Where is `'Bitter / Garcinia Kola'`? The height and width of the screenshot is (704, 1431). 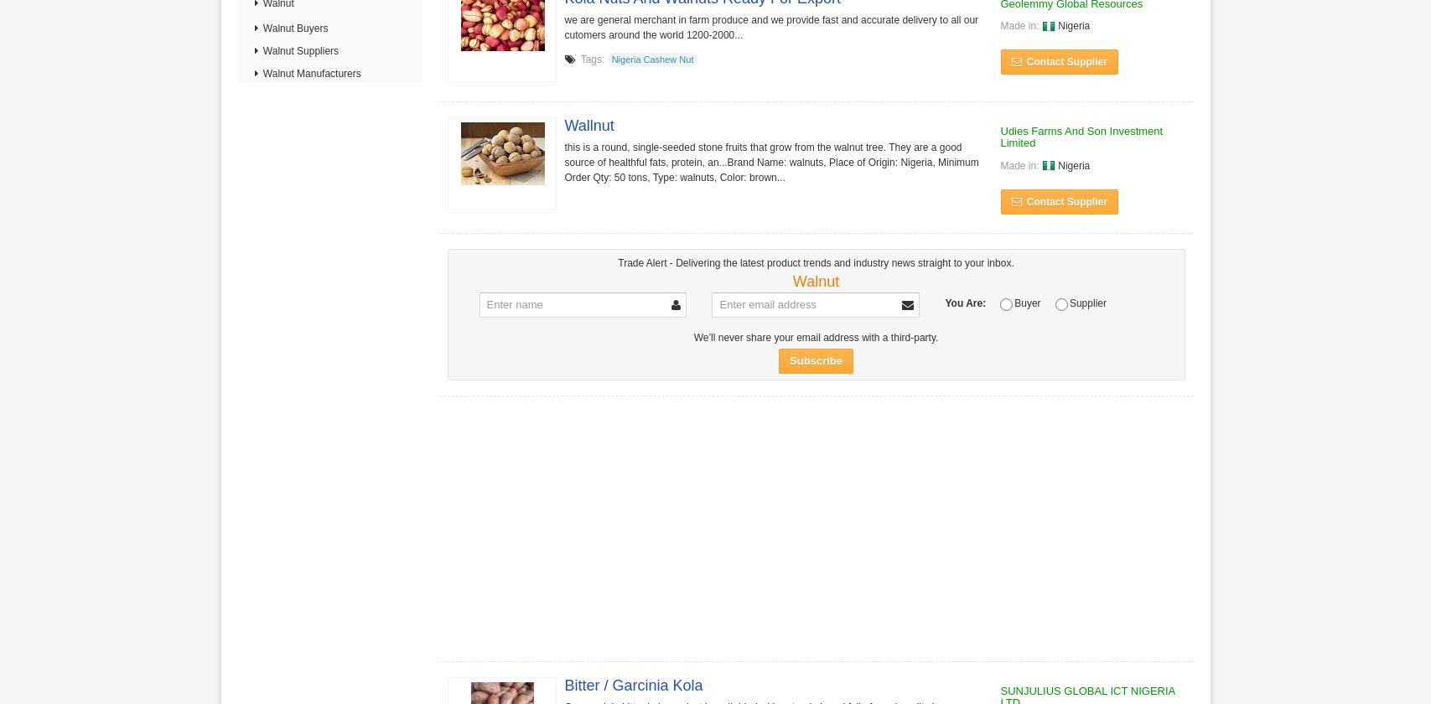
'Bitter / Garcinia Kola' is located at coordinates (633, 684).